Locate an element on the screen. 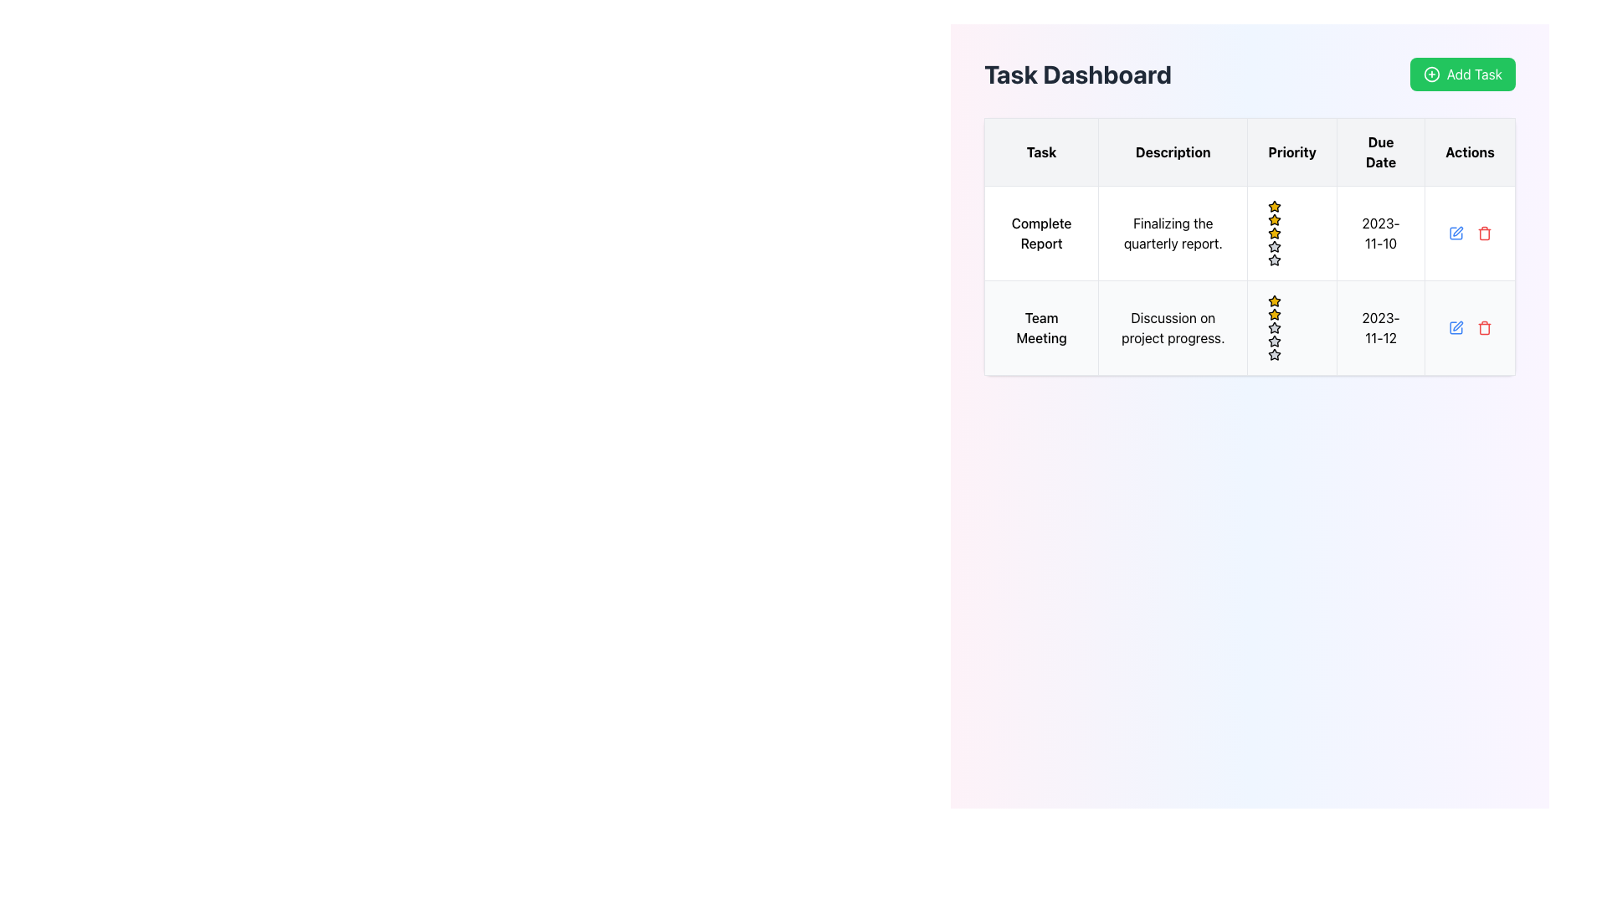 Image resolution: width=1607 pixels, height=904 pixels. the second star in the five-star rating row under the 'Priority' column for the 'Team Meeting' task to rate it is located at coordinates (1274, 300).